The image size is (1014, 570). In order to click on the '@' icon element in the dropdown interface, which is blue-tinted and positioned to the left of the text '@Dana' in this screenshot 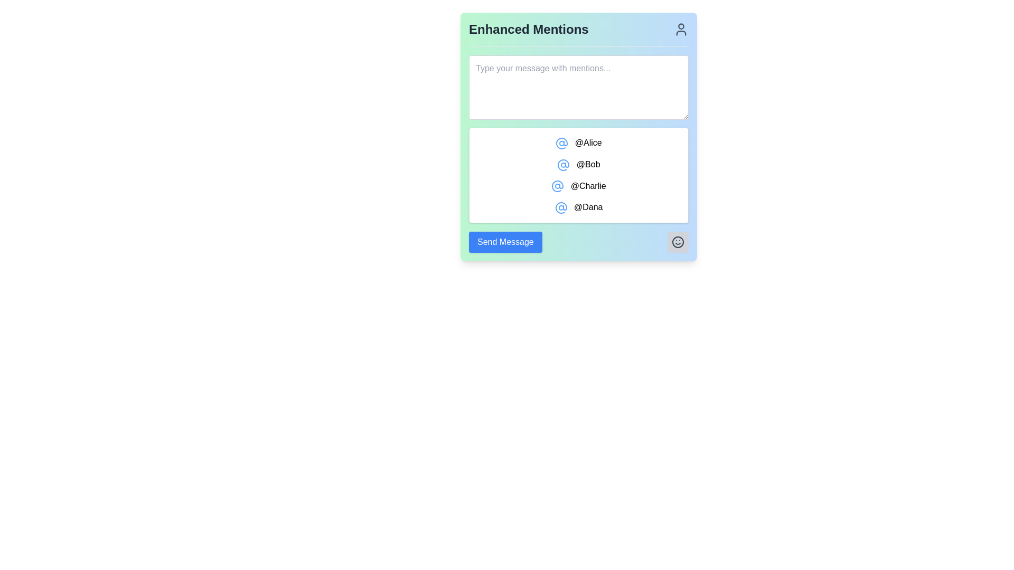, I will do `click(560, 208)`.